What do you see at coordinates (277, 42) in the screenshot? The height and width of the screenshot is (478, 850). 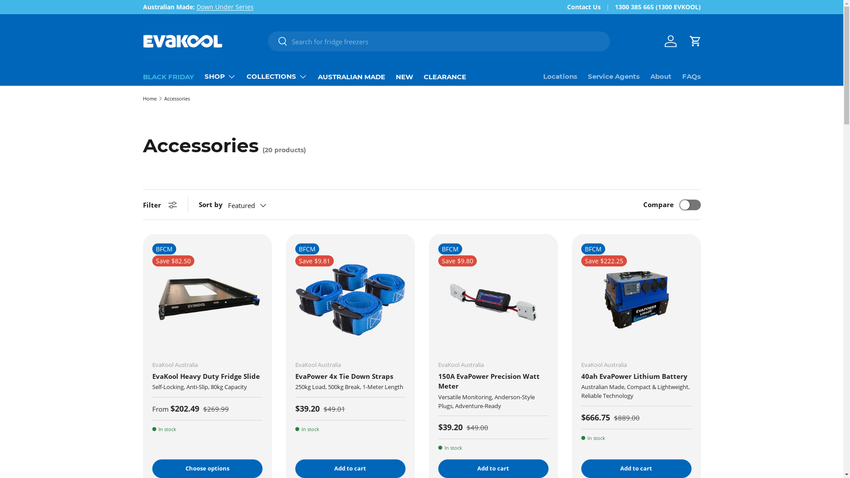 I see `'Search'` at bounding box center [277, 42].